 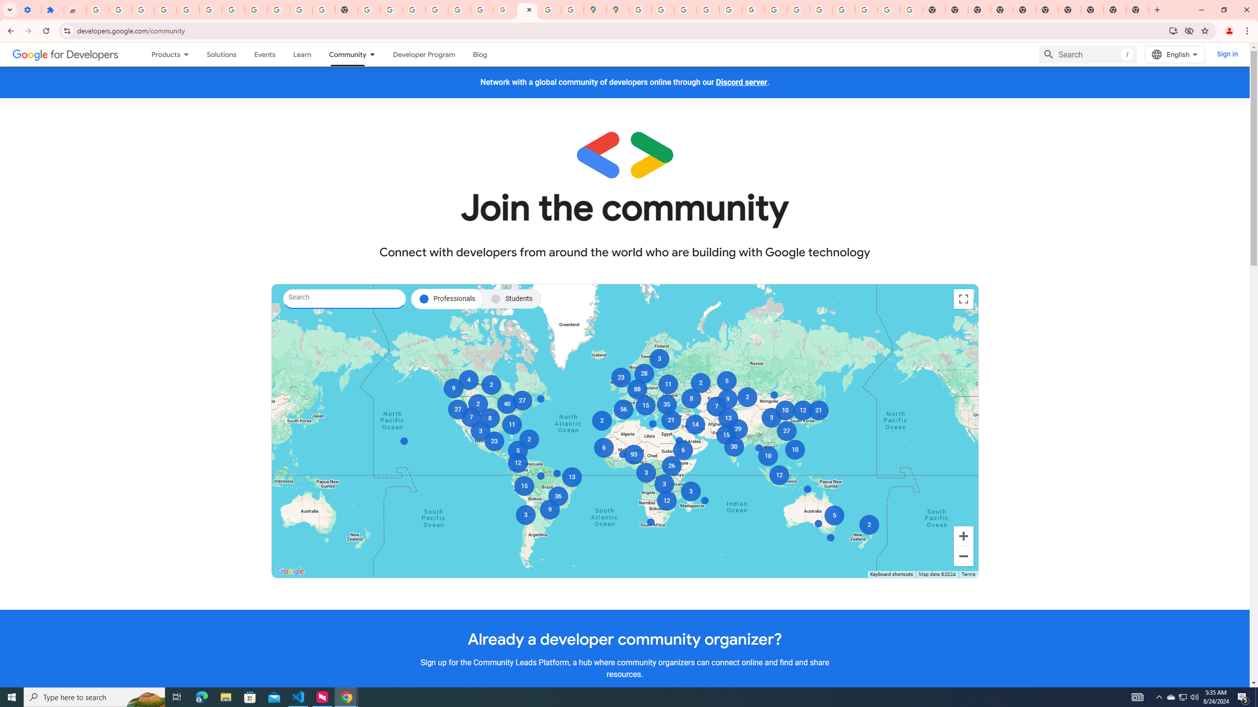 What do you see at coordinates (188, 9) in the screenshot?
I see `'Learn how to find your photos - Google Photos Help'` at bounding box center [188, 9].